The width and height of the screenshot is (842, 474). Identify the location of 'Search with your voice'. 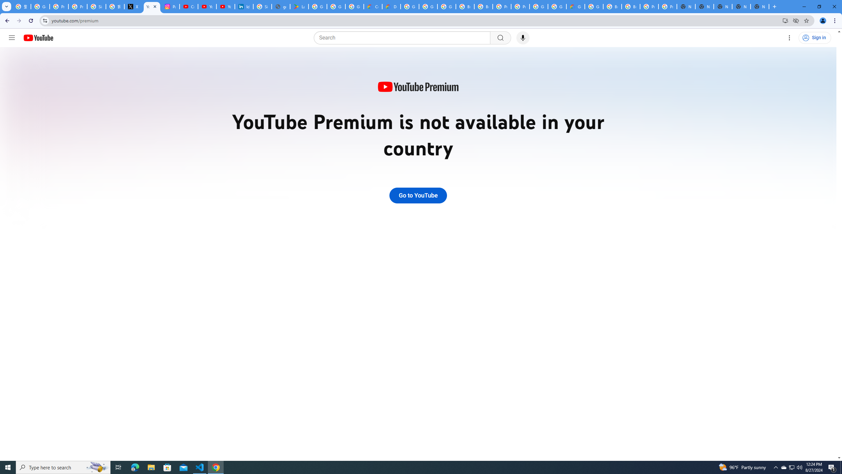
(523, 38).